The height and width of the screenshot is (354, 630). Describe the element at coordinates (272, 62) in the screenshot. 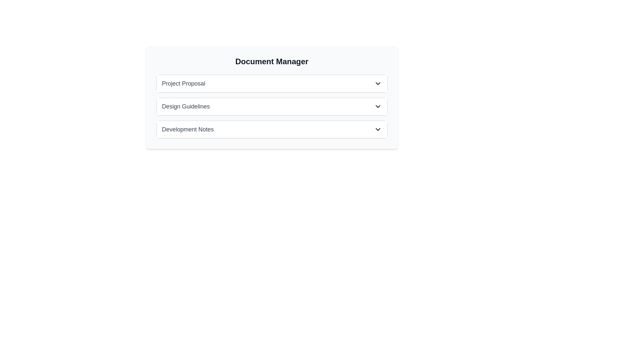

I see `the 'Document Manager' text label, which is displayed in a bold font and centered at the top of the document-related interface` at that location.